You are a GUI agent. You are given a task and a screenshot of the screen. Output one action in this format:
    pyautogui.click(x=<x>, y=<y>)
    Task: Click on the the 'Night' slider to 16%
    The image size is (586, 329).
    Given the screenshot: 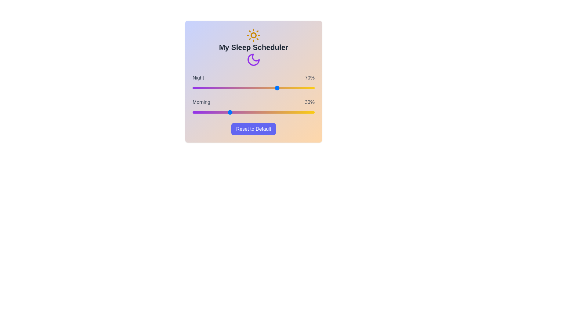 What is the action you would take?
    pyautogui.click(x=212, y=88)
    